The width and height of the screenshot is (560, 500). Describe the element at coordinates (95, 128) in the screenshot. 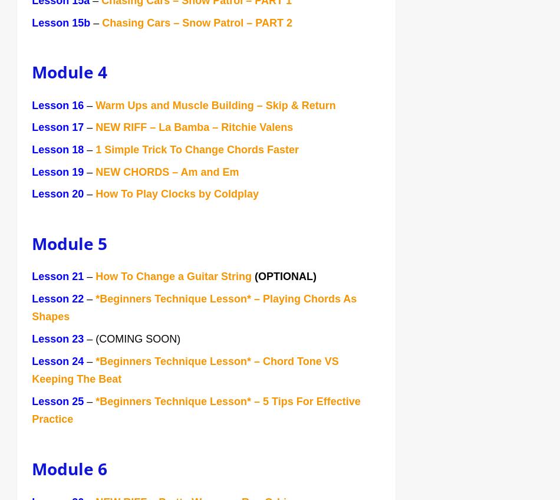

I see `'NEW RIFF – La Bamba – Ritchie Valens'` at that location.